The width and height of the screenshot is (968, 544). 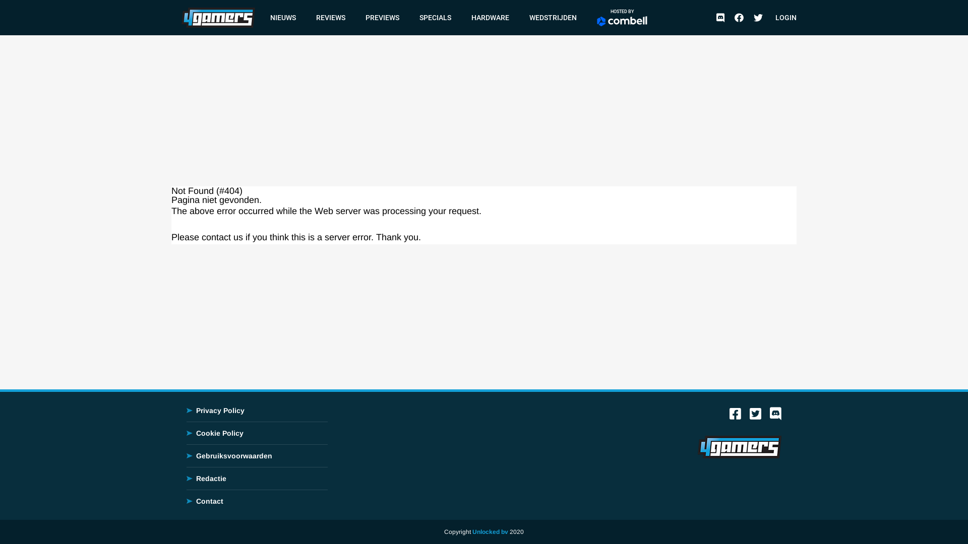 What do you see at coordinates (775, 416) in the screenshot?
I see `'Discord'` at bounding box center [775, 416].